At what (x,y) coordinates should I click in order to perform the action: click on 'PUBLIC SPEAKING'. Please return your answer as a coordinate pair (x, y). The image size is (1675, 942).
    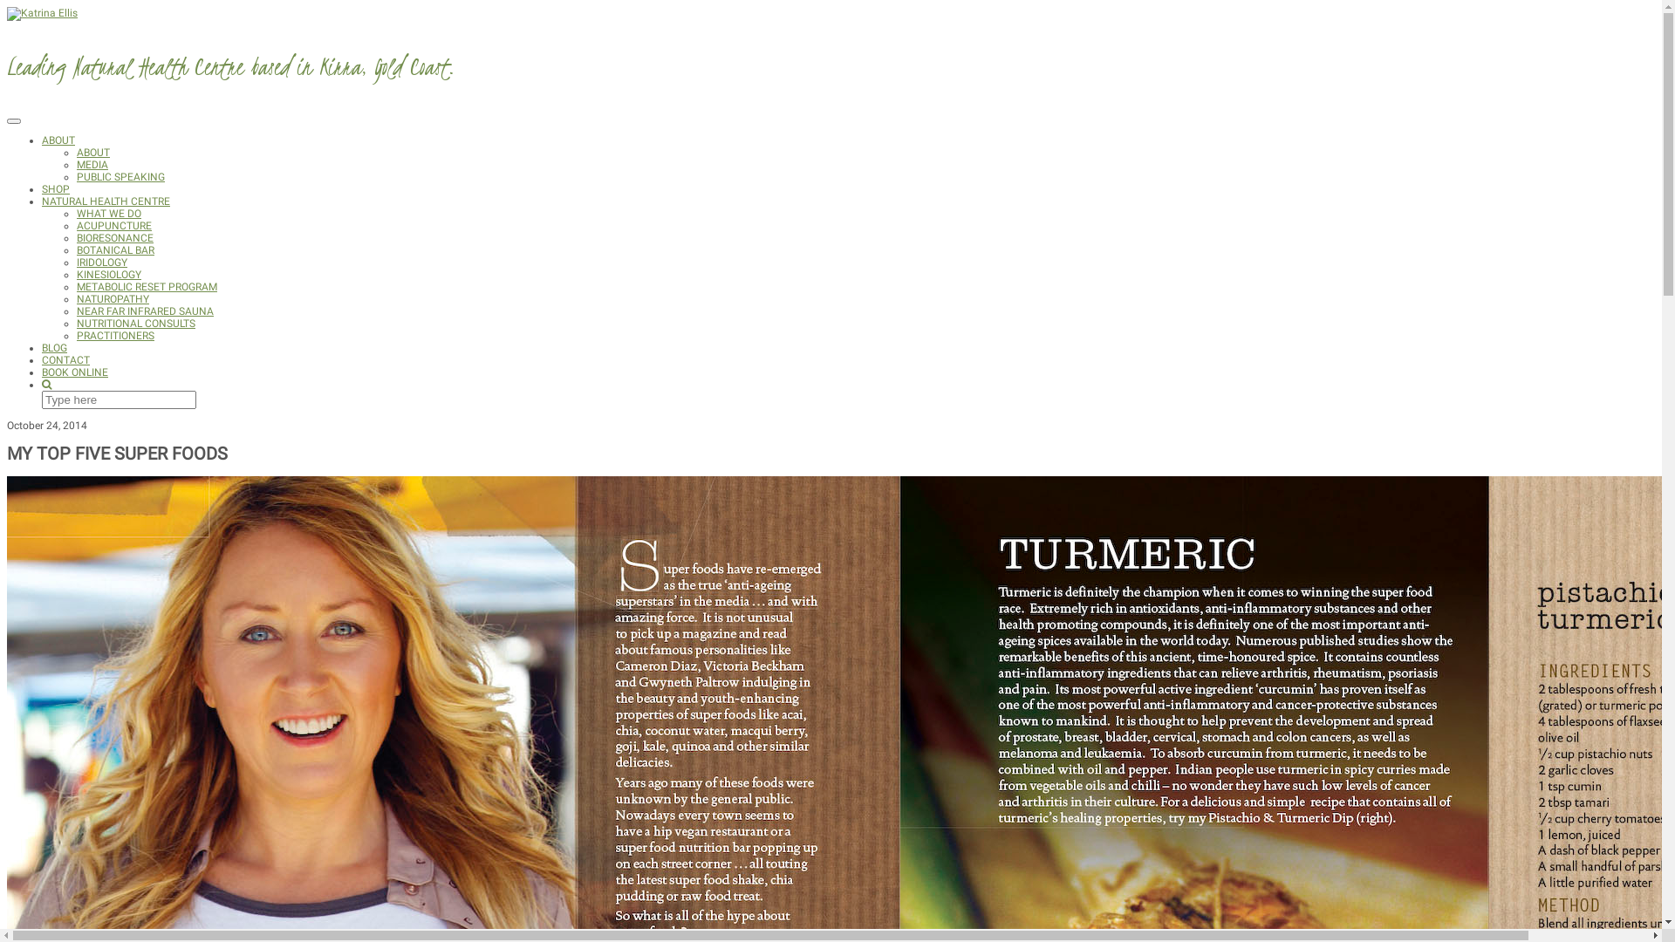
    Looking at the image, I should click on (120, 177).